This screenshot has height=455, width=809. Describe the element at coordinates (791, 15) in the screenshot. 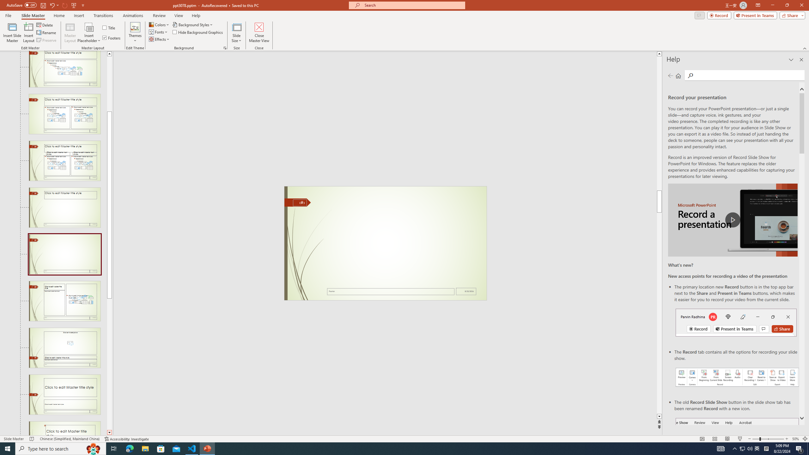

I see `'Share'` at that location.